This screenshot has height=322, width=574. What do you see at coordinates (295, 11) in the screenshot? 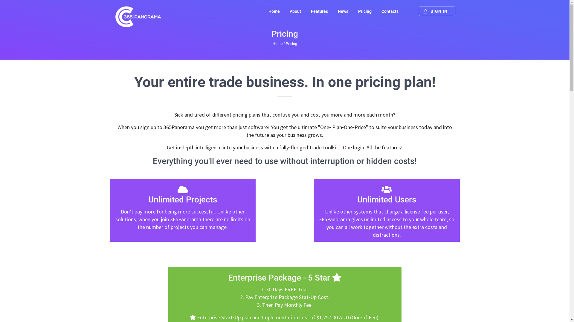
I see `'About'` at bounding box center [295, 11].